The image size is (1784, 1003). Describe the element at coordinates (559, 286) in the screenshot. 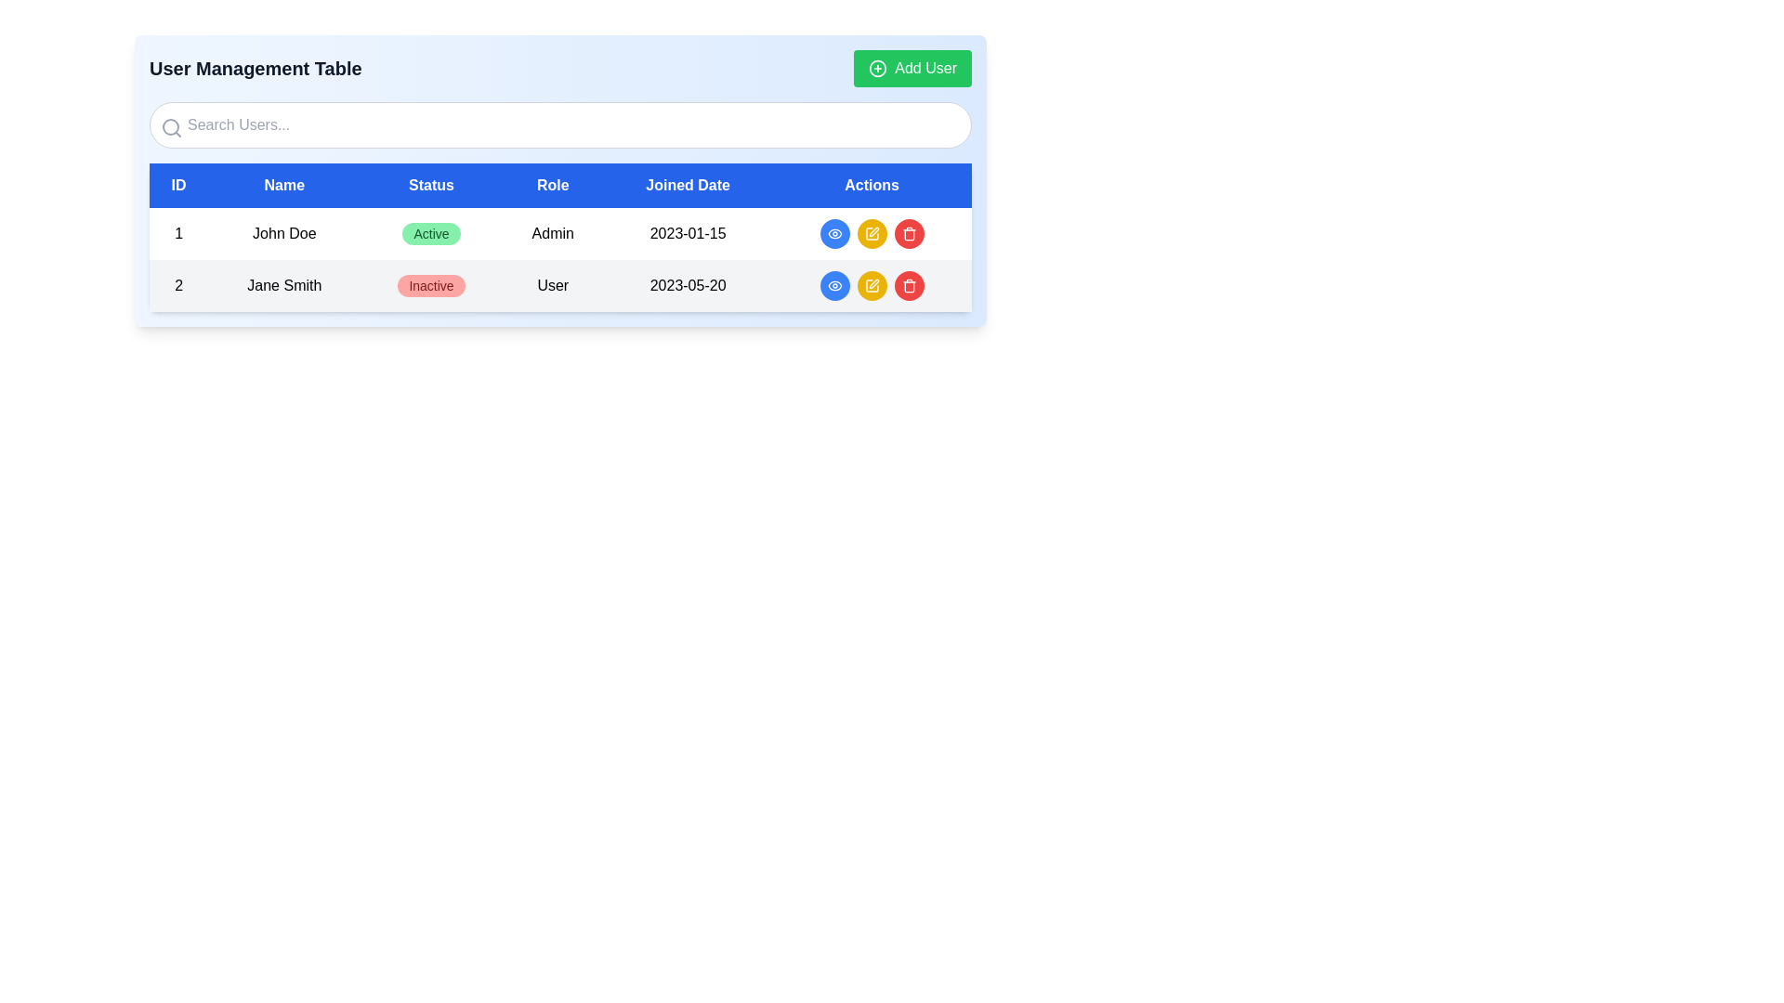

I see `on the second row of the user management table that contains the information for 'Jane Smith'` at that location.